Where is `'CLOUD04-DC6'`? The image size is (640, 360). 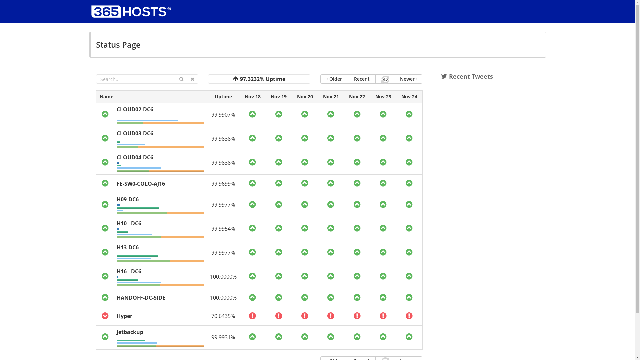
'CLOUD04-DC6' is located at coordinates (117, 157).